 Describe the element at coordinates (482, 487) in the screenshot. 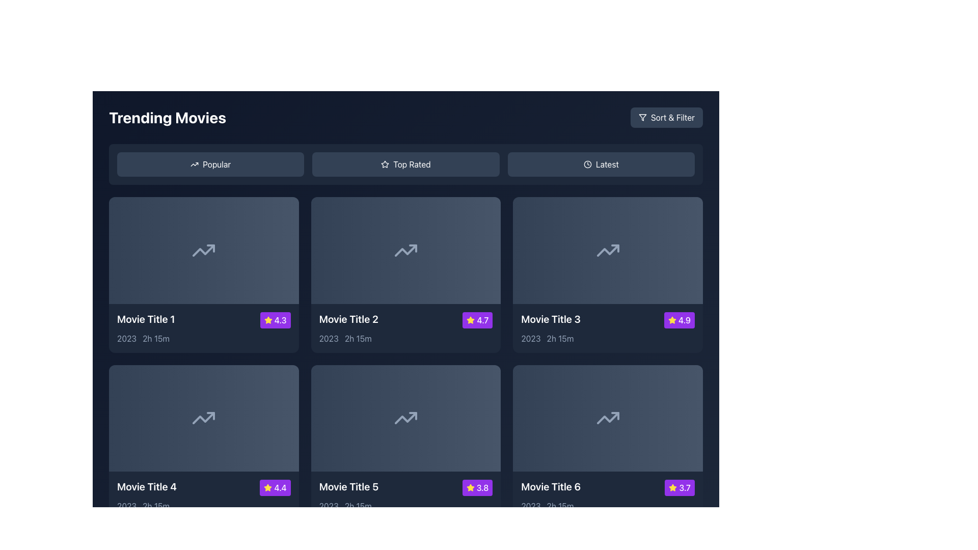

I see `the text label indicating the rating score of 'Movie Title 5', located at the bottom-right corner of the card, adjacent to the star icon` at that location.